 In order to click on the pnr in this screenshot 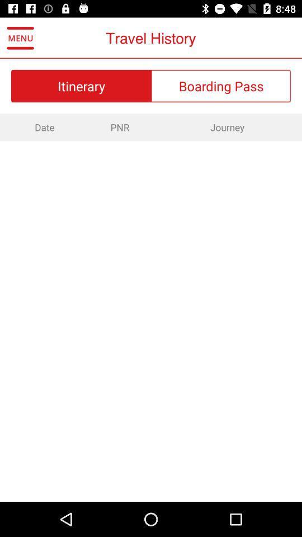, I will do `click(119, 127)`.